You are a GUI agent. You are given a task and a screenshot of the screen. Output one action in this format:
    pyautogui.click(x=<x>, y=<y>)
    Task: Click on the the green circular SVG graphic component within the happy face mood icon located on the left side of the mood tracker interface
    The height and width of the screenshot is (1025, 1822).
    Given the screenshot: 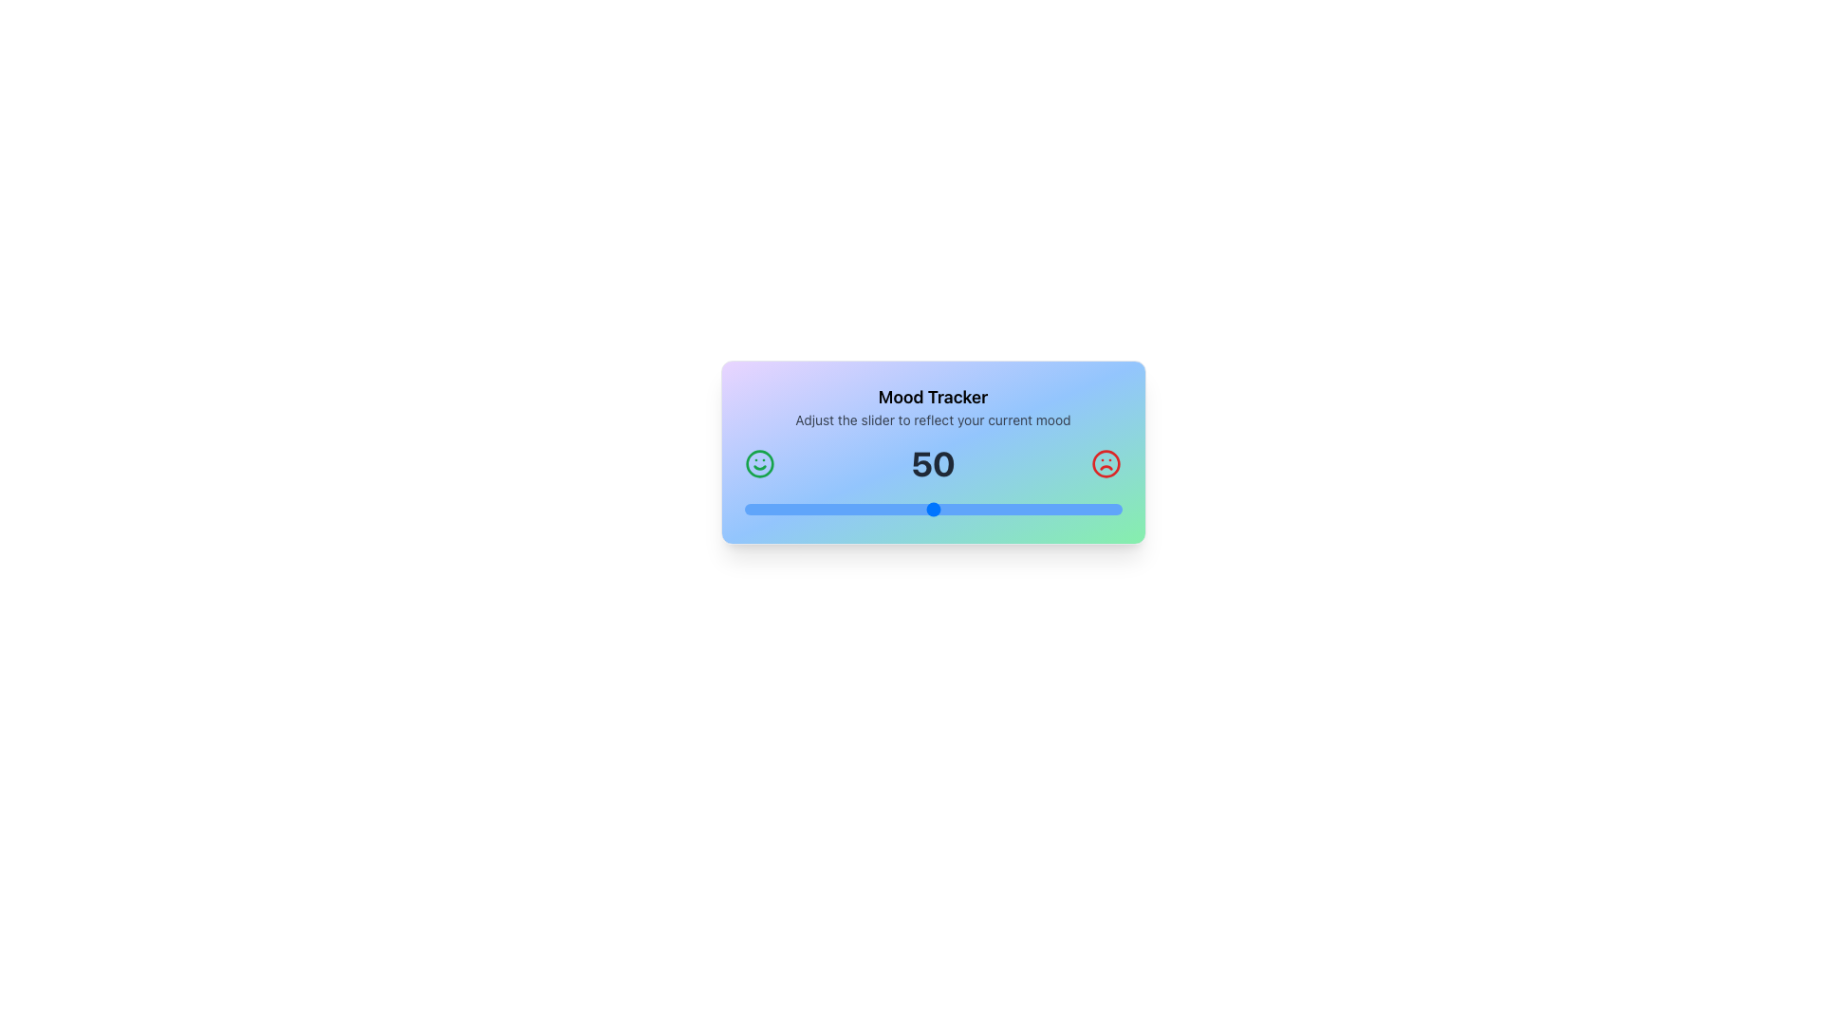 What is the action you would take?
    pyautogui.click(x=759, y=464)
    